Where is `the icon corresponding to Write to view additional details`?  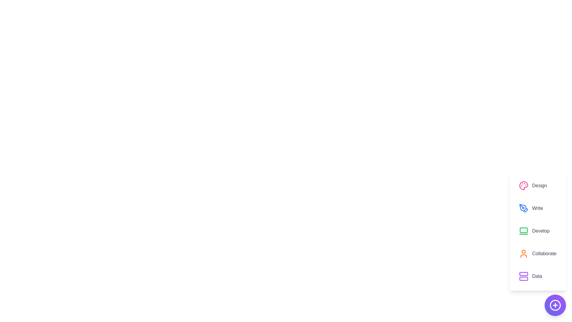 the icon corresponding to Write to view additional details is located at coordinates (523, 208).